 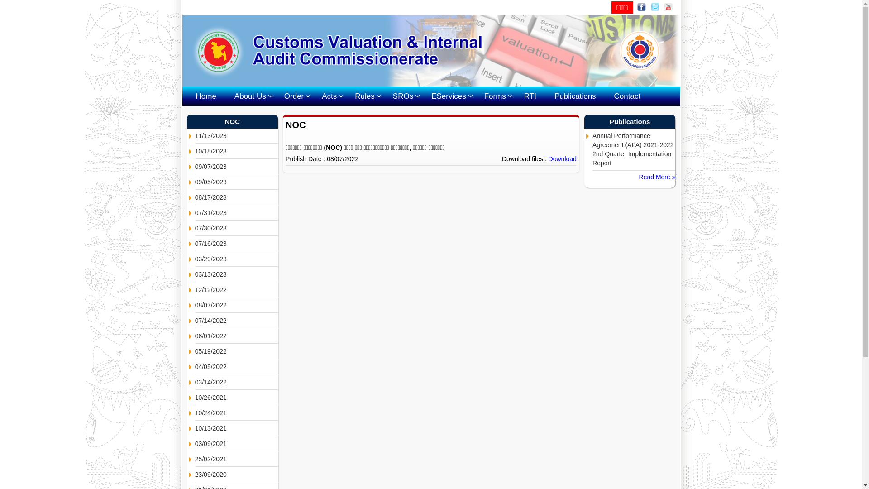 What do you see at coordinates (364, 96) in the screenshot?
I see `'Rules'` at bounding box center [364, 96].